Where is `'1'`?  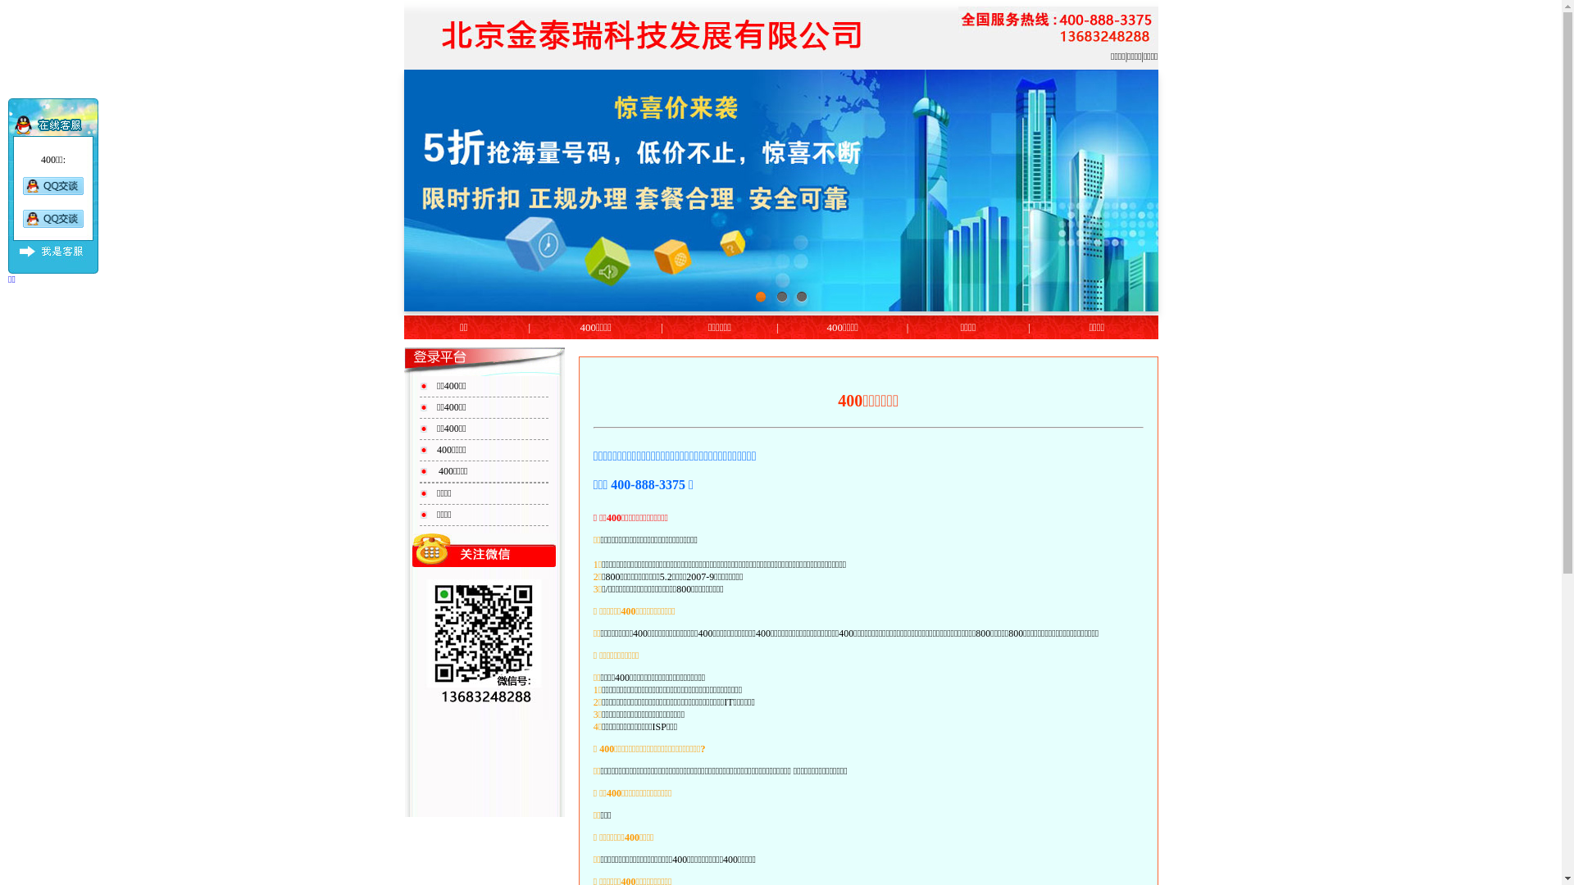 '1' is located at coordinates (761, 297).